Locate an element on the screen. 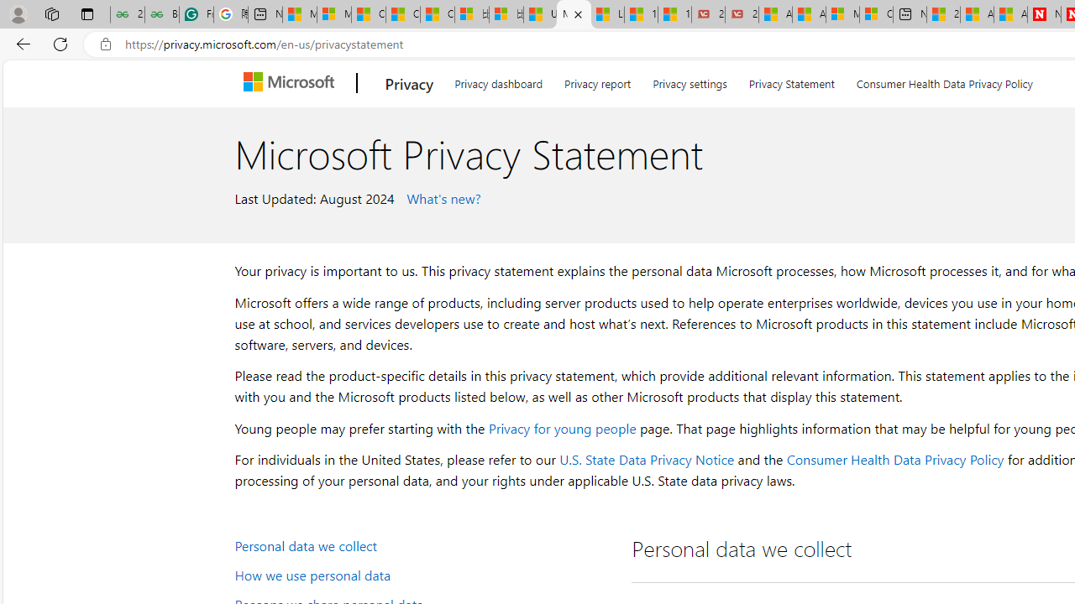 Image resolution: width=1075 pixels, height=604 pixels. '15 Ways Modern Life Contradicts the Teachings of Jesus' is located at coordinates (674, 14).